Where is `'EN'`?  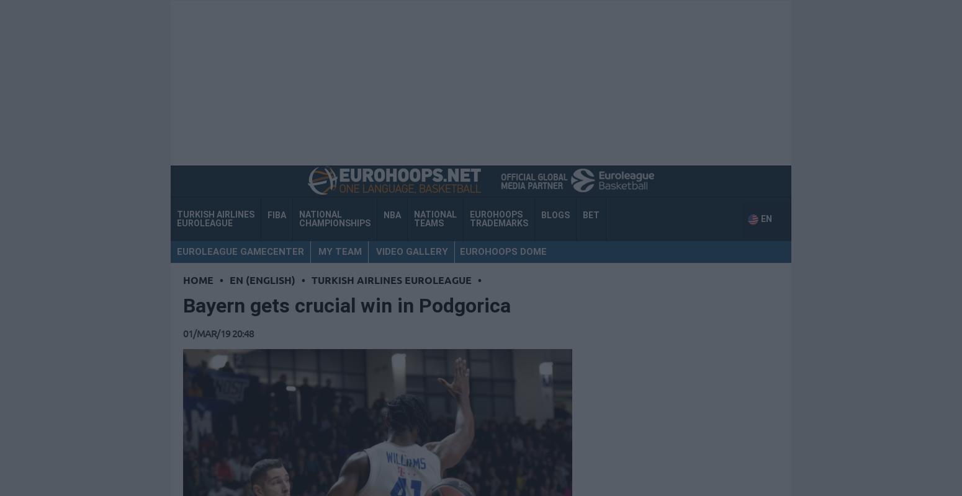 'EN' is located at coordinates (768, 277).